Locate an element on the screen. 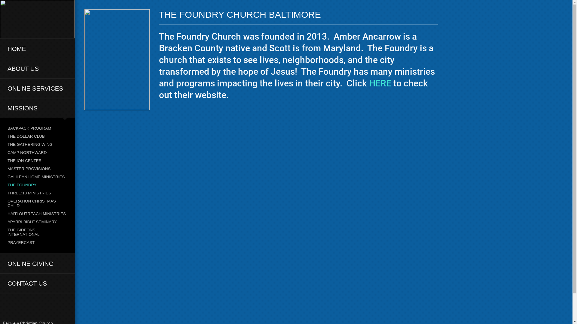 The image size is (577, 324). 'MISSIONS' is located at coordinates (37, 107).